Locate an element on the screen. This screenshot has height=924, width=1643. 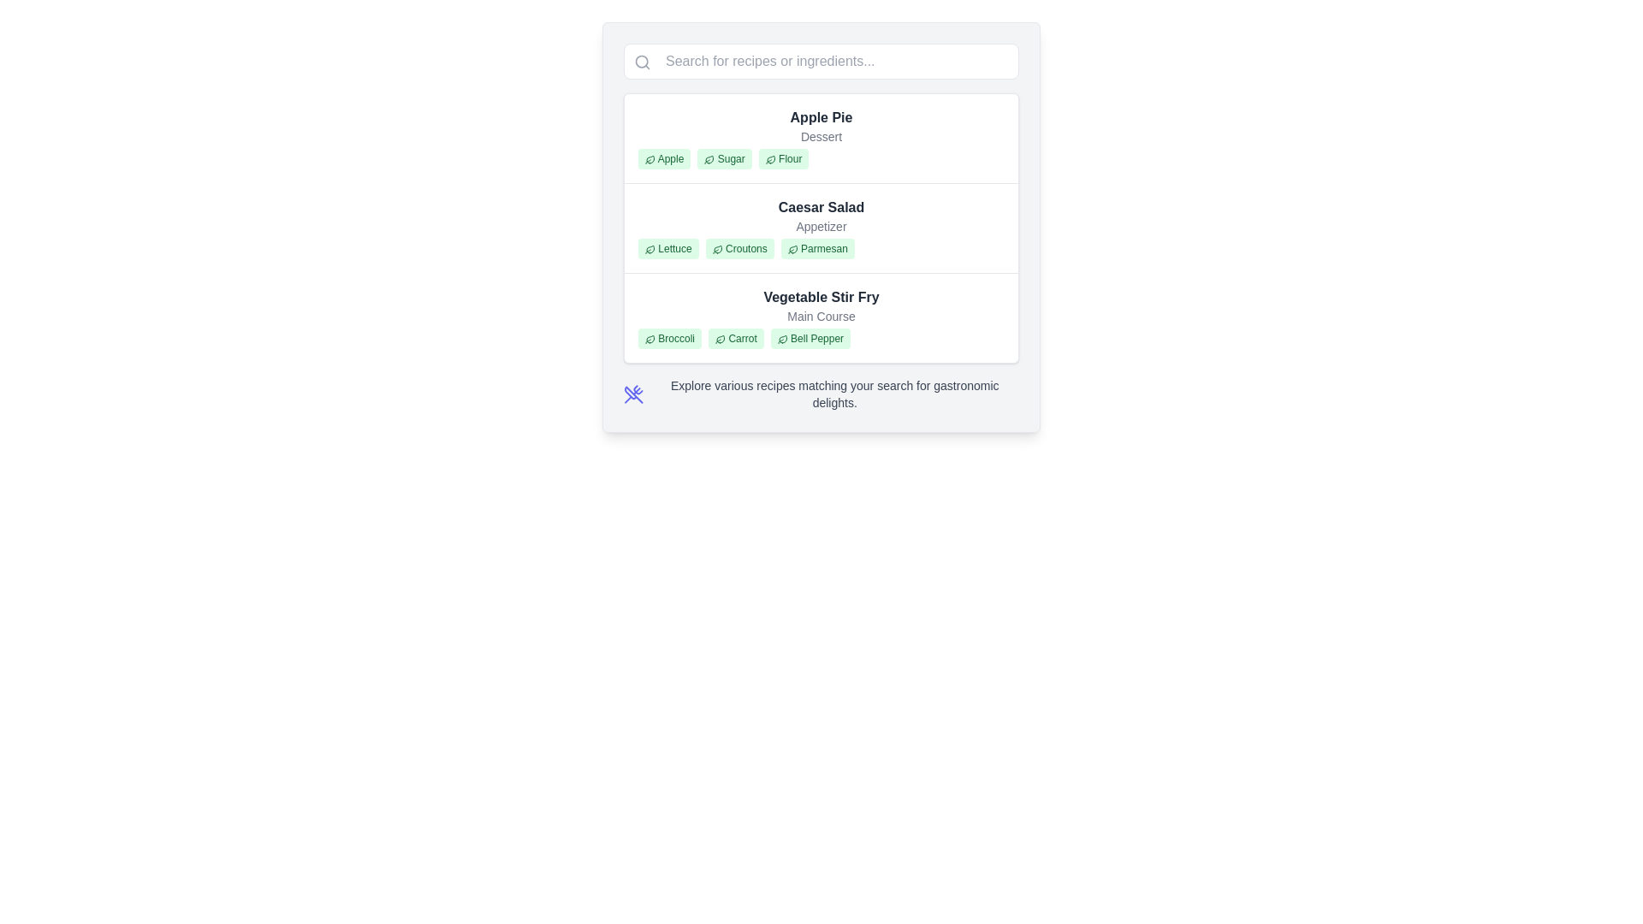
the 'Carrot' badge, which is the second item from the left in the 'Vegetable Stir Fry' section, if it is interactive is located at coordinates (736, 339).